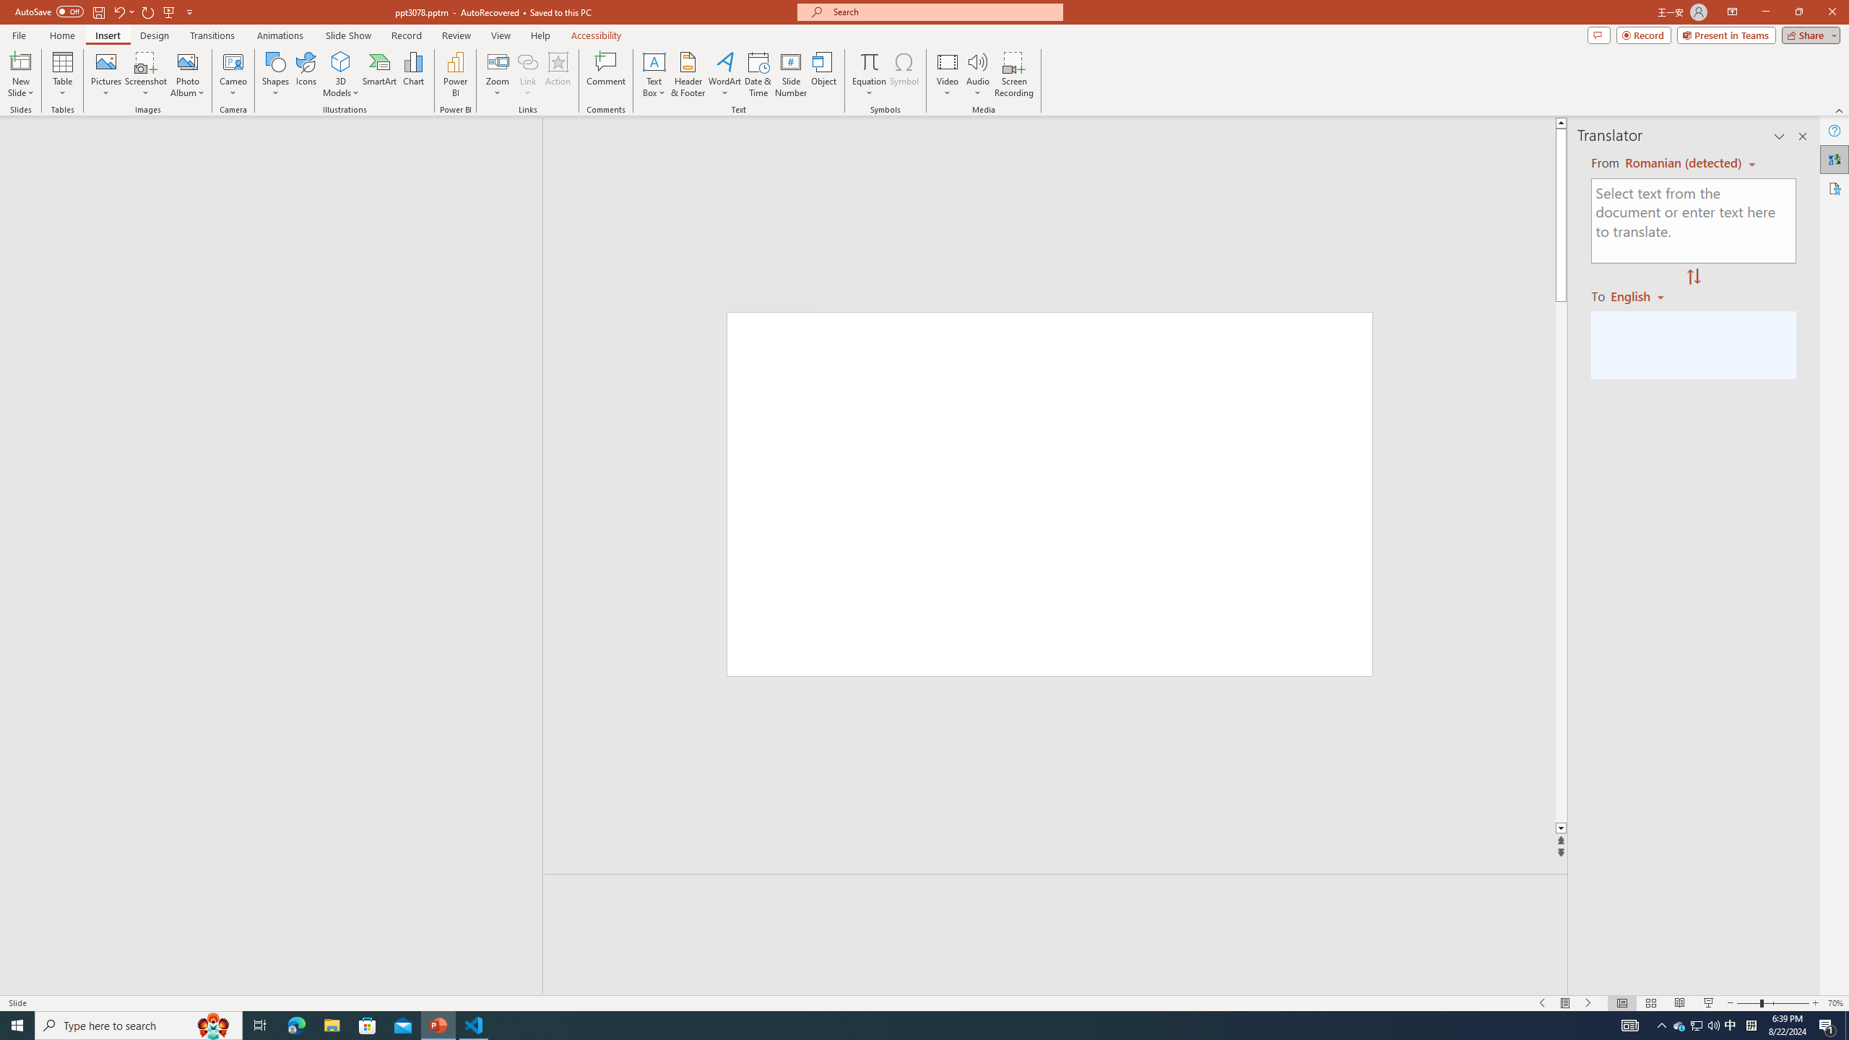  Describe the element at coordinates (757, 74) in the screenshot. I see `'Date & Time...'` at that location.